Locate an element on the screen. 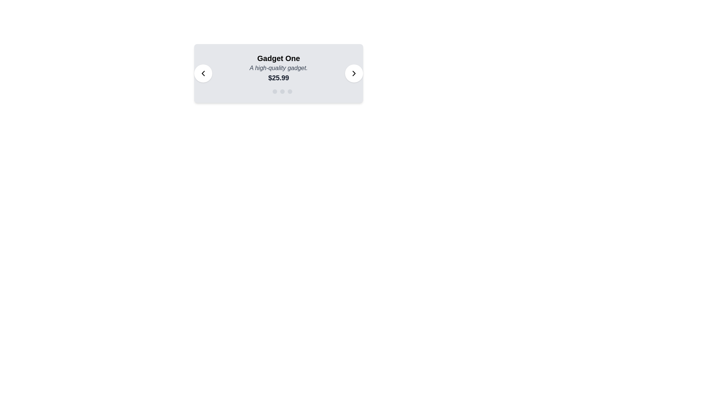 The image size is (724, 407). the text label providing additional details about the product named 'Gadget One', which is located directly below the title and above the price text '$25.99' is located at coordinates (278, 68).